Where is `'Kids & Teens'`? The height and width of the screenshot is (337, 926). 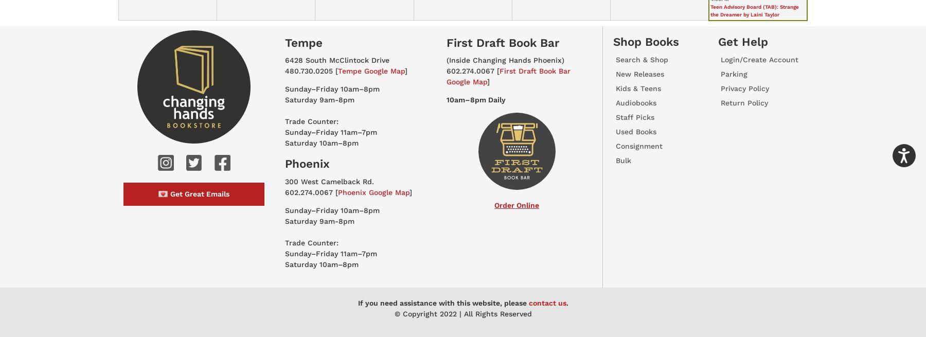
'Kids & Teens' is located at coordinates (615, 88).